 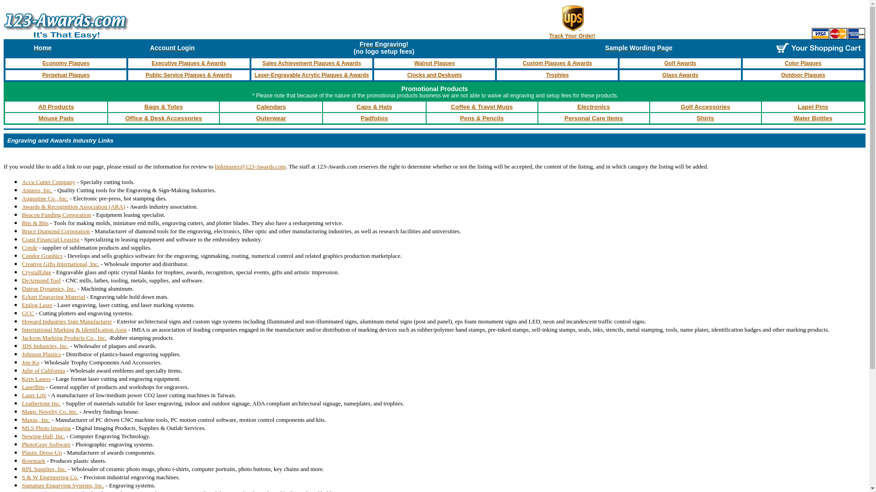 I want to click on 'Beacon Funding Corporation', so click(x=56, y=214).